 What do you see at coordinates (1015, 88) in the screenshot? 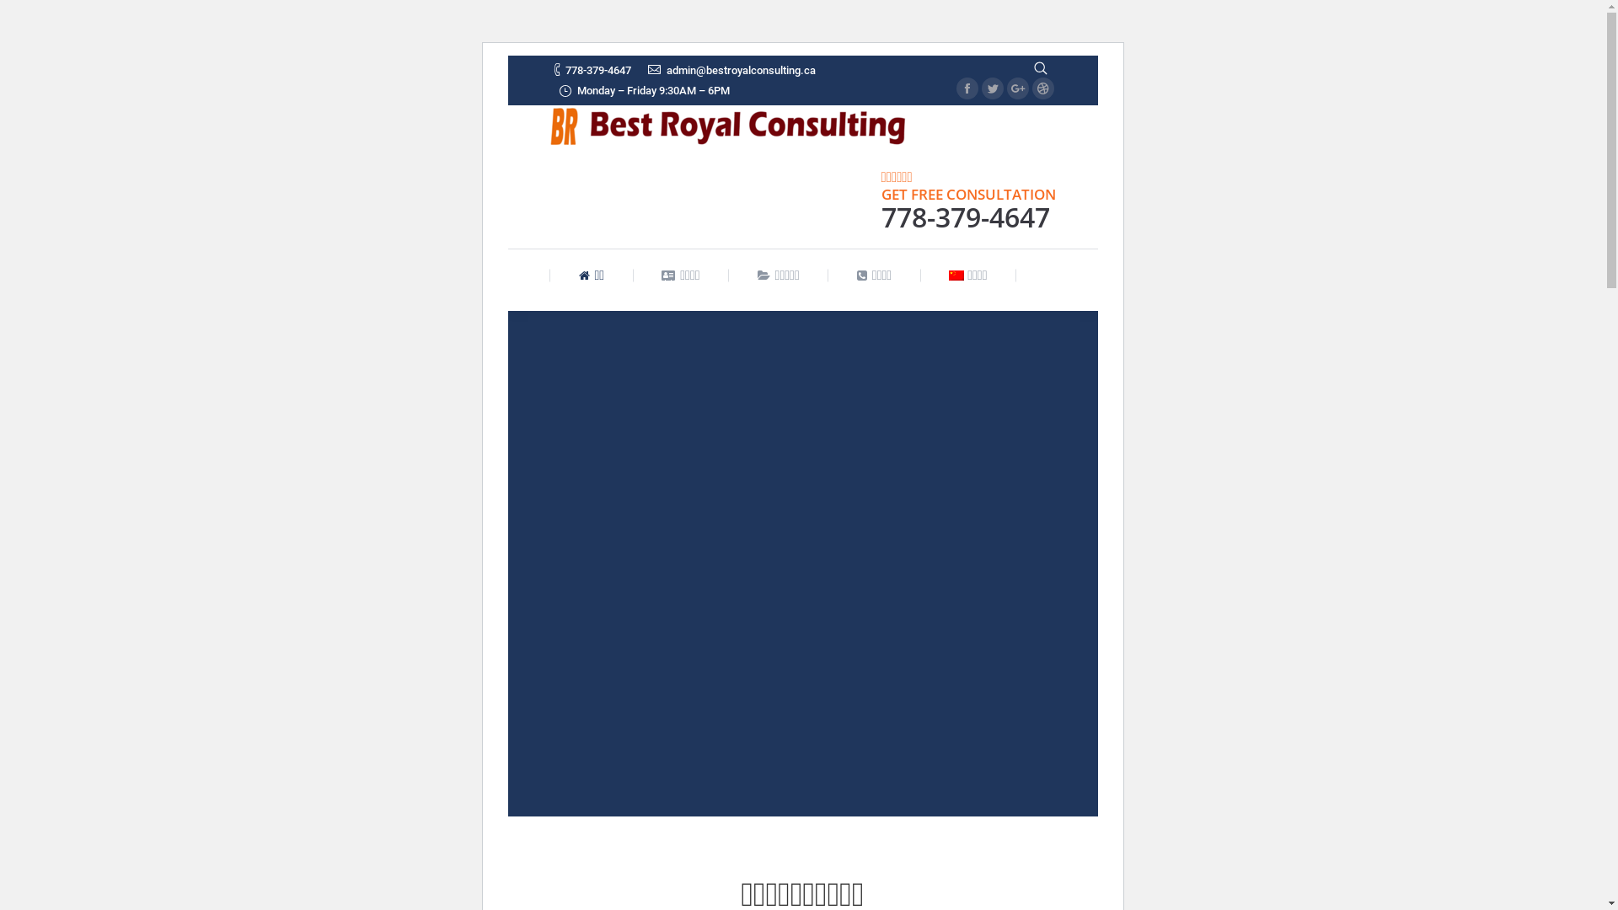
I see `'Google+'` at bounding box center [1015, 88].